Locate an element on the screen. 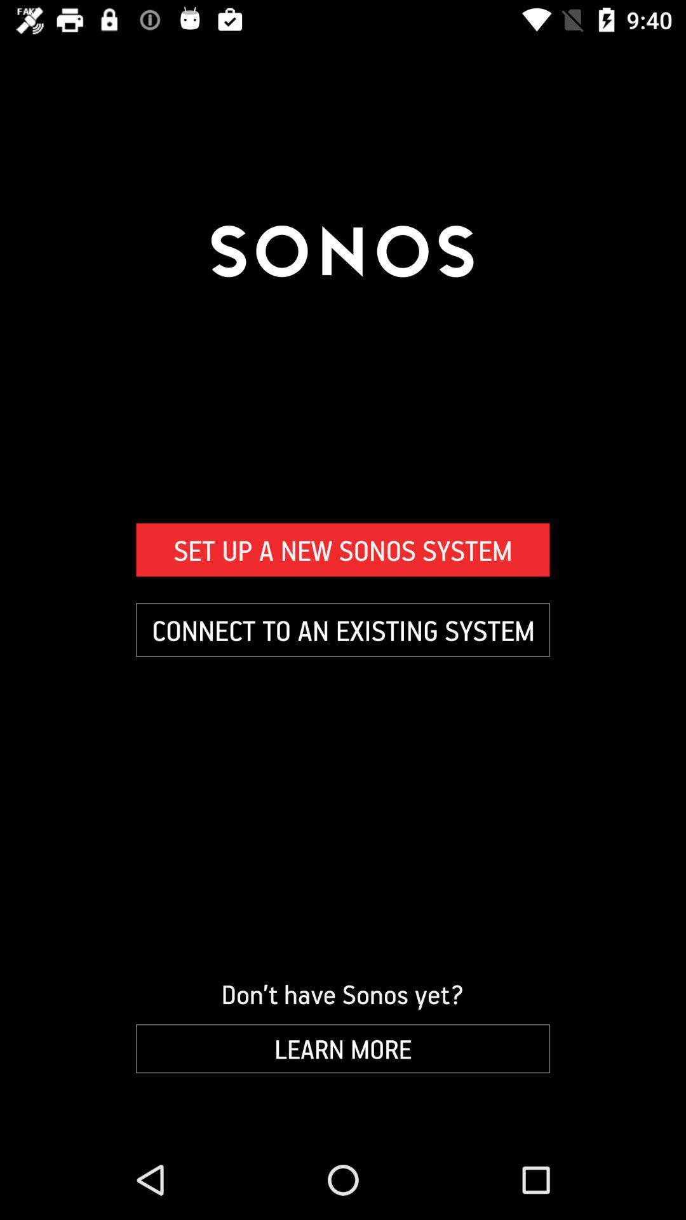 The height and width of the screenshot is (1220, 686). icon below the set up a item is located at coordinates (343, 630).